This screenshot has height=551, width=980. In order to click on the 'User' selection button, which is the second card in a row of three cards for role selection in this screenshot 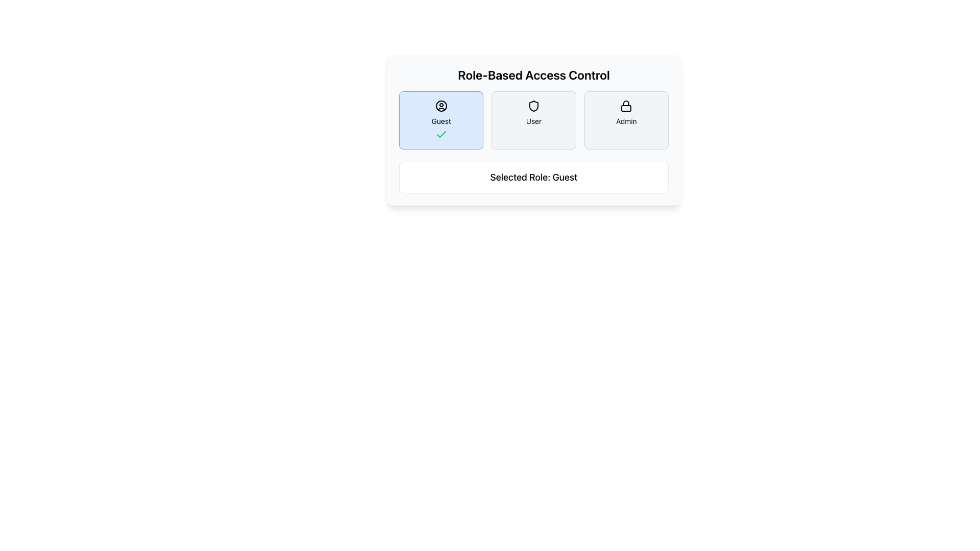, I will do `click(533, 119)`.